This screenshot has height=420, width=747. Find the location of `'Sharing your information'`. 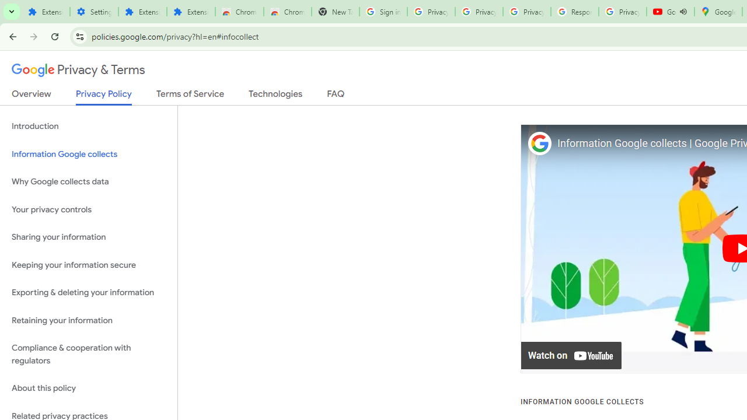

'Sharing your information' is located at coordinates (88, 237).